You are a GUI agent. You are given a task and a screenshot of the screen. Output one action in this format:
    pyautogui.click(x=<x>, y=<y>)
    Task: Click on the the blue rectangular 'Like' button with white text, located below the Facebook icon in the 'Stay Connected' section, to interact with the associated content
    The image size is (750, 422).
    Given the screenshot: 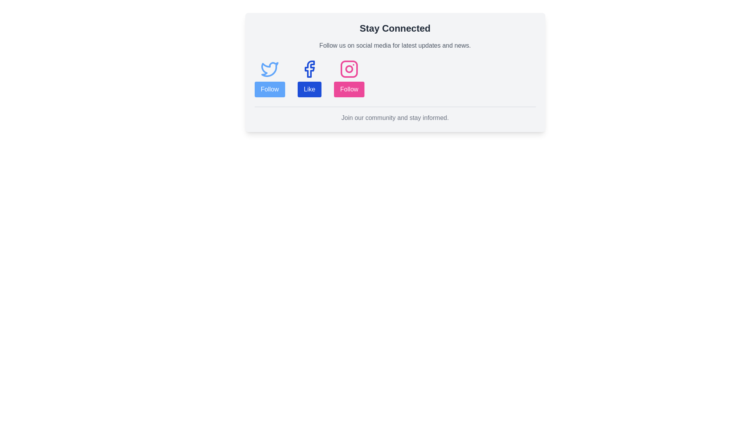 What is the action you would take?
    pyautogui.click(x=309, y=89)
    